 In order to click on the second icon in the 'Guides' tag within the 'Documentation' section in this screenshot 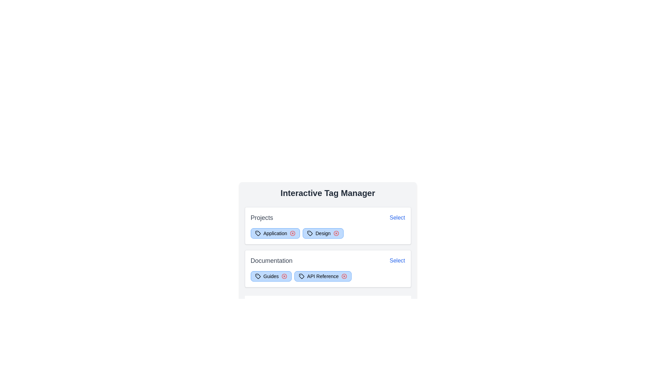, I will do `click(284, 276)`.